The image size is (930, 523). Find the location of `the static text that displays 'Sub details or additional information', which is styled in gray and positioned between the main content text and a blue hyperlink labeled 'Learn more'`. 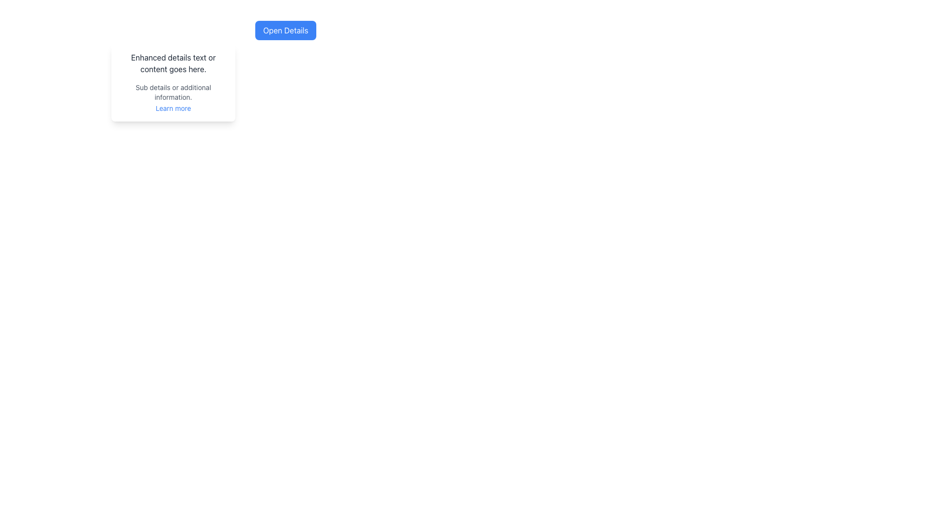

the static text that displays 'Sub details or additional information', which is styled in gray and positioned between the main content text and a blue hyperlink labeled 'Learn more' is located at coordinates (173, 92).